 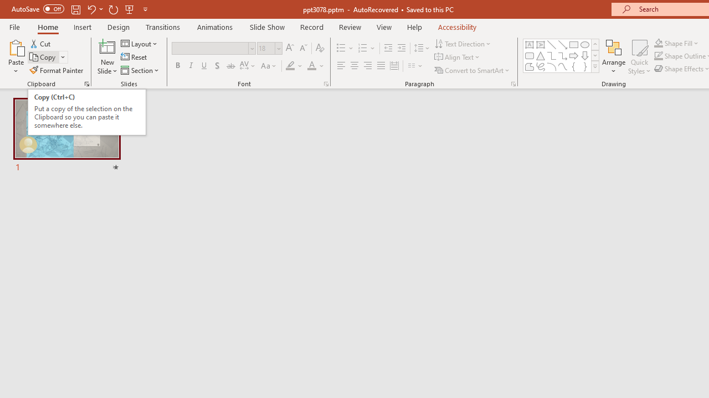 What do you see at coordinates (315, 66) in the screenshot?
I see `'Font Color'` at bounding box center [315, 66].